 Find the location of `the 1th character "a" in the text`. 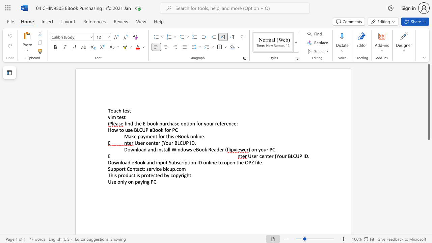

the 1th character "a" in the text is located at coordinates (139, 181).